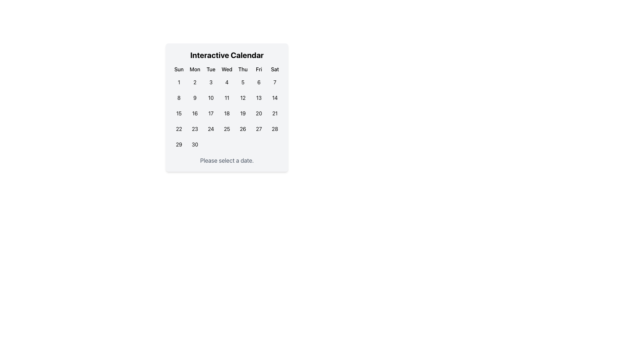 Image resolution: width=623 pixels, height=350 pixels. What do you see at coordinates (194, 82) in the screenshot?
I see `the interactive calendar day item representing the number '2'` at bounding box center [194, 82].